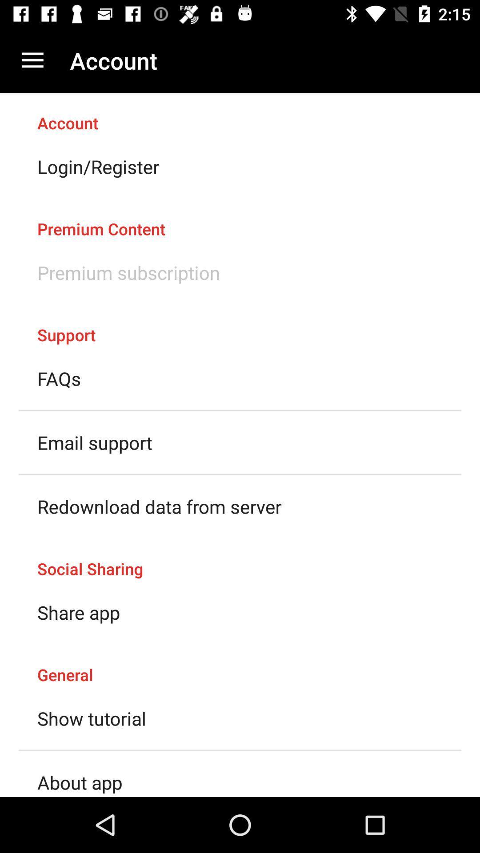  I want to click on the icon next to account, so click(32, 60).